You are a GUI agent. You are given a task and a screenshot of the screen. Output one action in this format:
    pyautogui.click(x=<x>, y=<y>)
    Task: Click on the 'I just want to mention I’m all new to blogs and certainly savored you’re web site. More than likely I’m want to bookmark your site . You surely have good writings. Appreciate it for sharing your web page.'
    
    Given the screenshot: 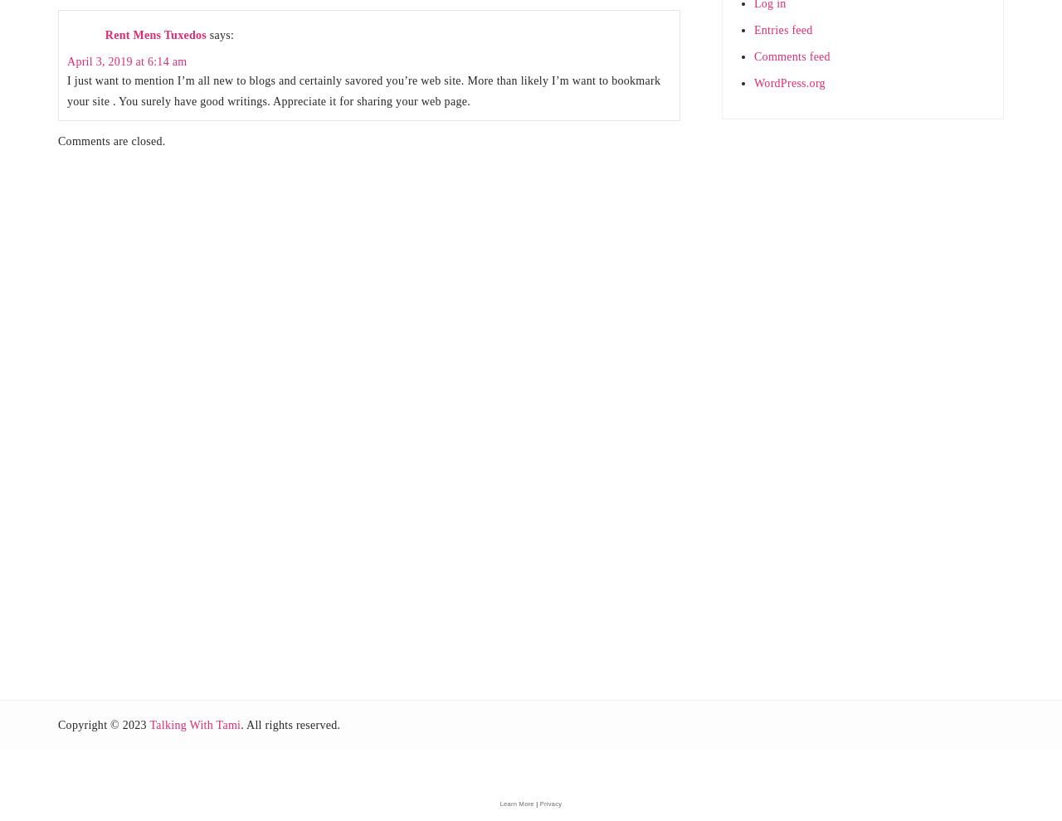 What is the action you would take?
    pyautogui.click(x=363, y=89)
    